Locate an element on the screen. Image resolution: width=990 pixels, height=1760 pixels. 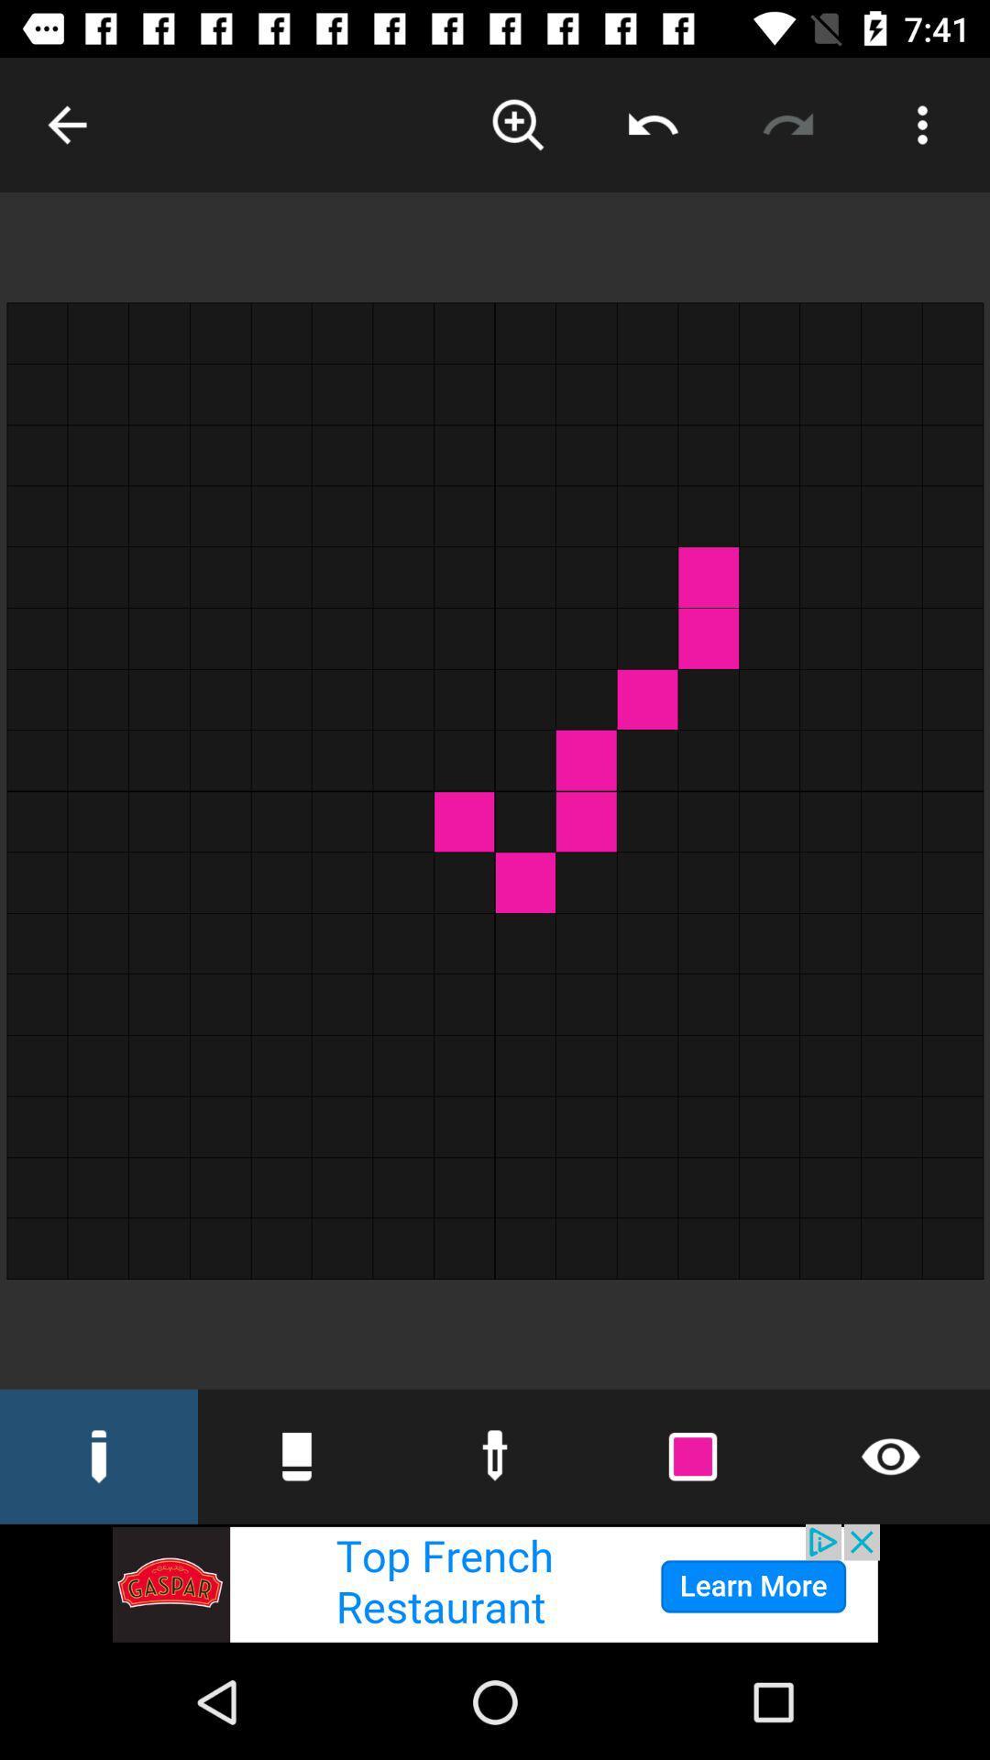
back the page is located at coordinates (66, 124).